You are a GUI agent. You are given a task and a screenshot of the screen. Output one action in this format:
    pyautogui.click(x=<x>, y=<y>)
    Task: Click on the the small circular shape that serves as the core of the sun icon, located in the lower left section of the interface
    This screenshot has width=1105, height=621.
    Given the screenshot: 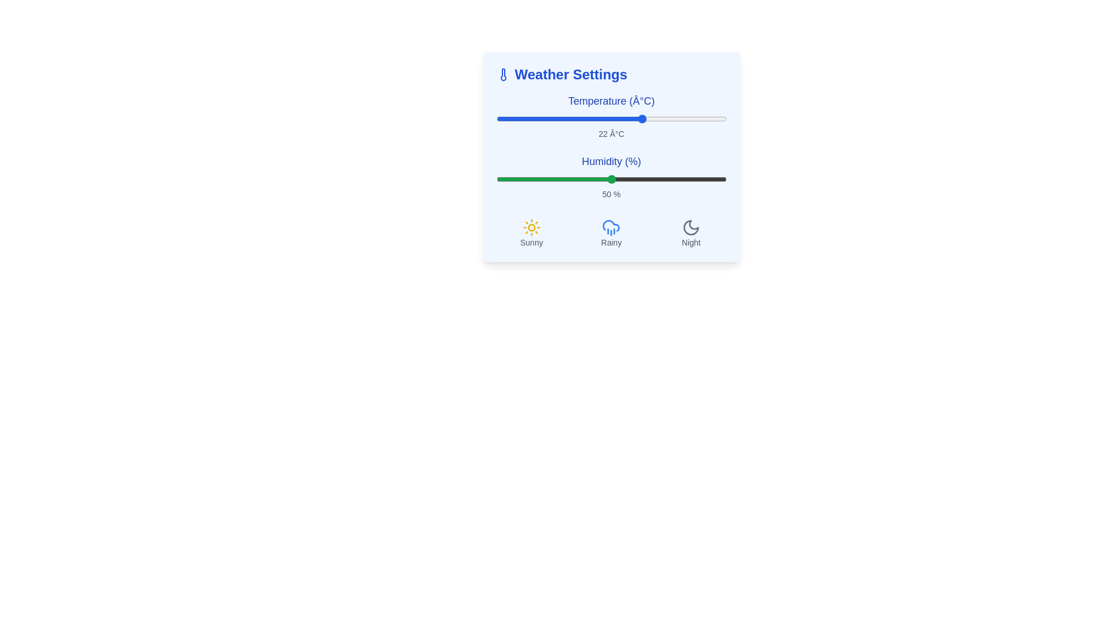 What is the action you would take?
    pyautogui.click(x=531, y=228)
    